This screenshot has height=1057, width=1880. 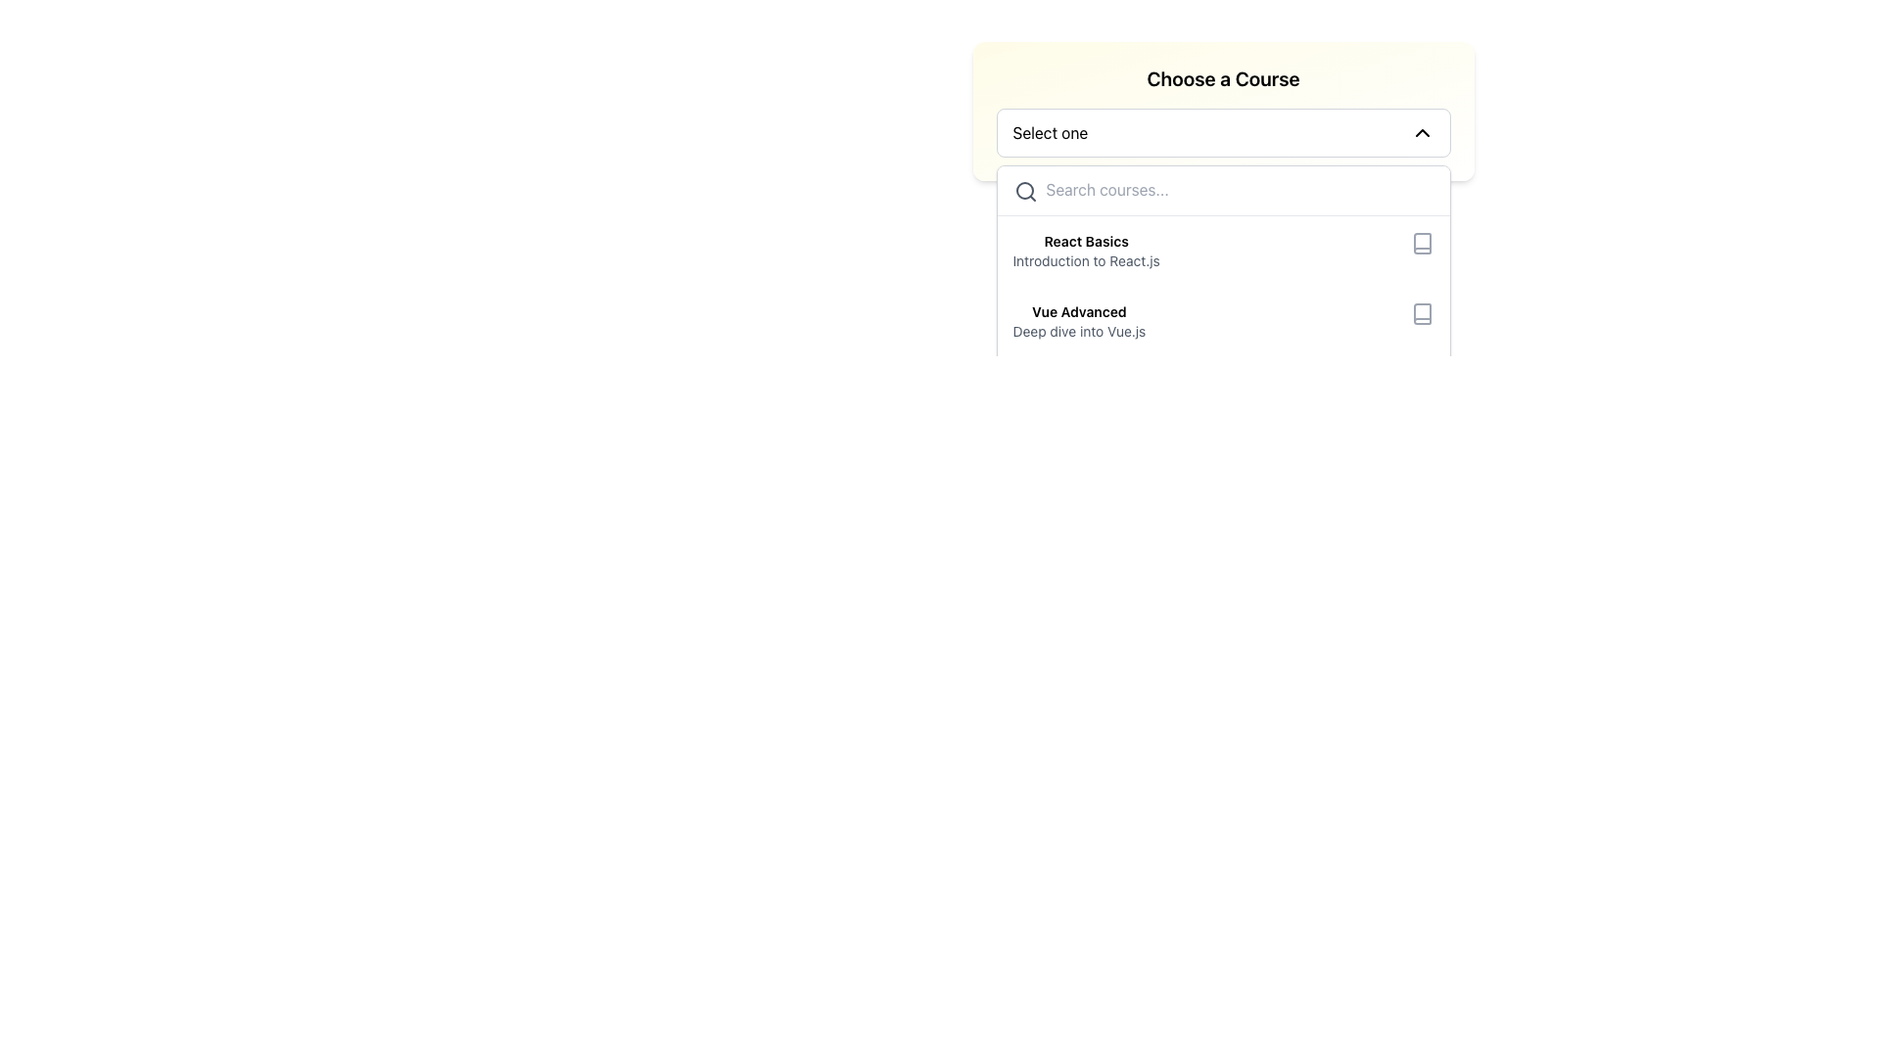 What do you see at coordinates (1024, 190) in the screenshot?
I see `the circular part of the magnifying glass icon located in the top-left corner of the autocomplete dropdown menu, adjacent to the search input field` at bounding box center [1024, 190].